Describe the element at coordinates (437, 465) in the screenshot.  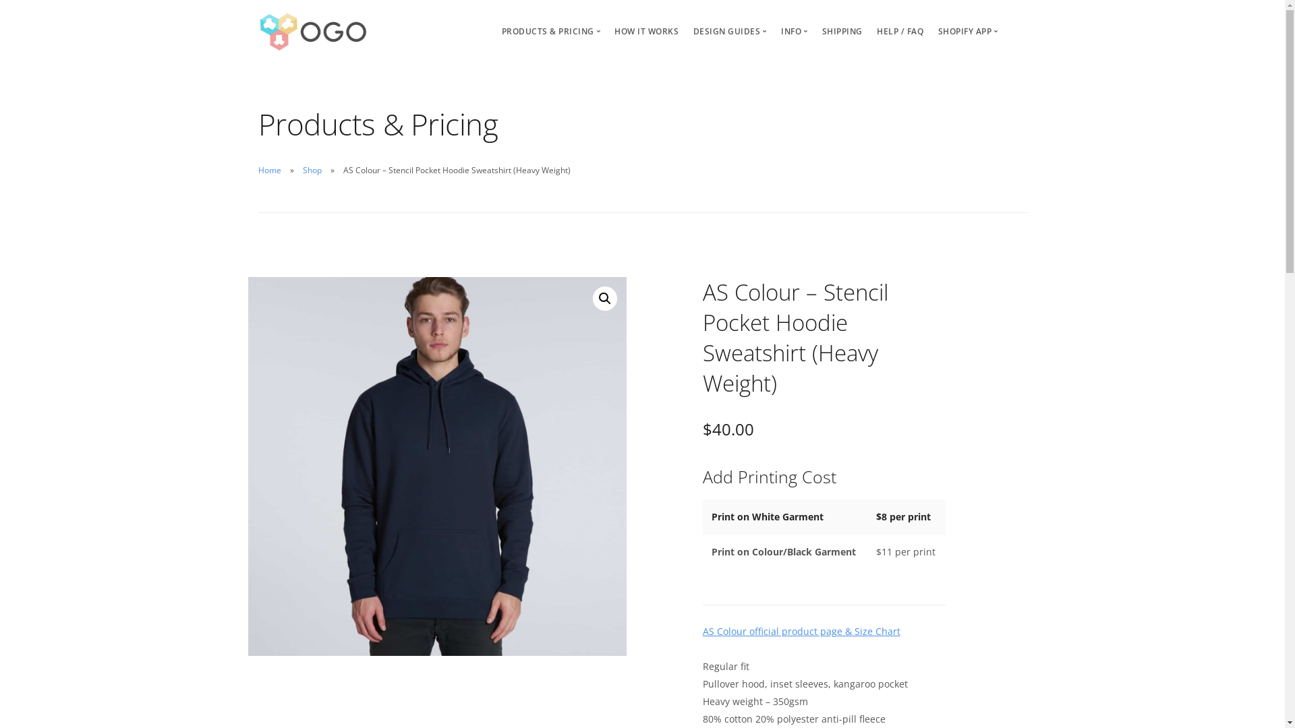
I see `'5102_stencil_hood_front_1_2'` at that location.